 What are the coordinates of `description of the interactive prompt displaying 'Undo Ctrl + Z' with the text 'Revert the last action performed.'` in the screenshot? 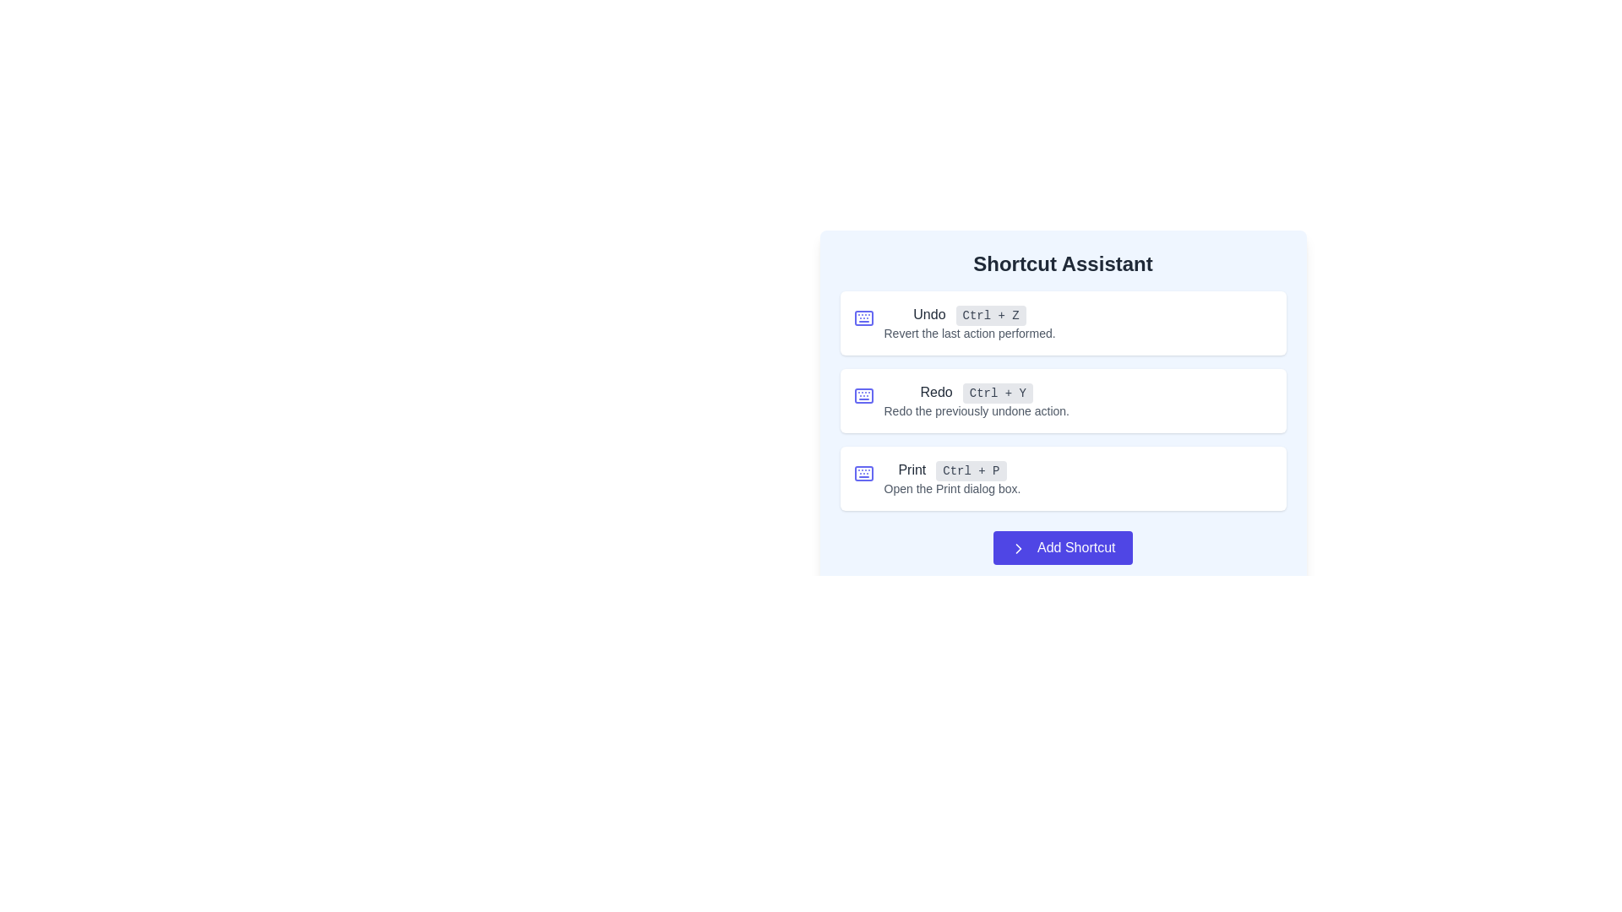 It's located at (969, 323).